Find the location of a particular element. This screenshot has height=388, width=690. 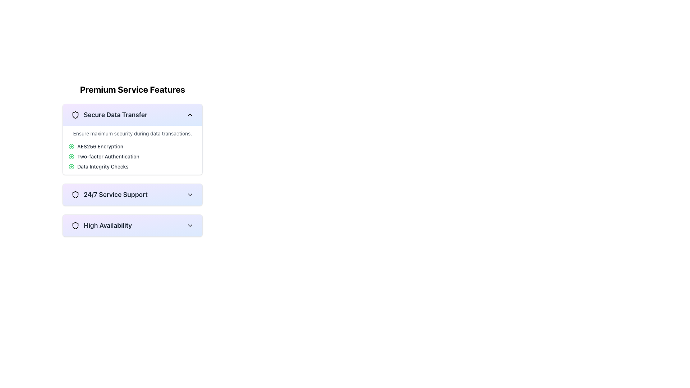

the decorative icon representing the 'High Availability' section, located to the left of the text label is located at coordinates (75, 225).